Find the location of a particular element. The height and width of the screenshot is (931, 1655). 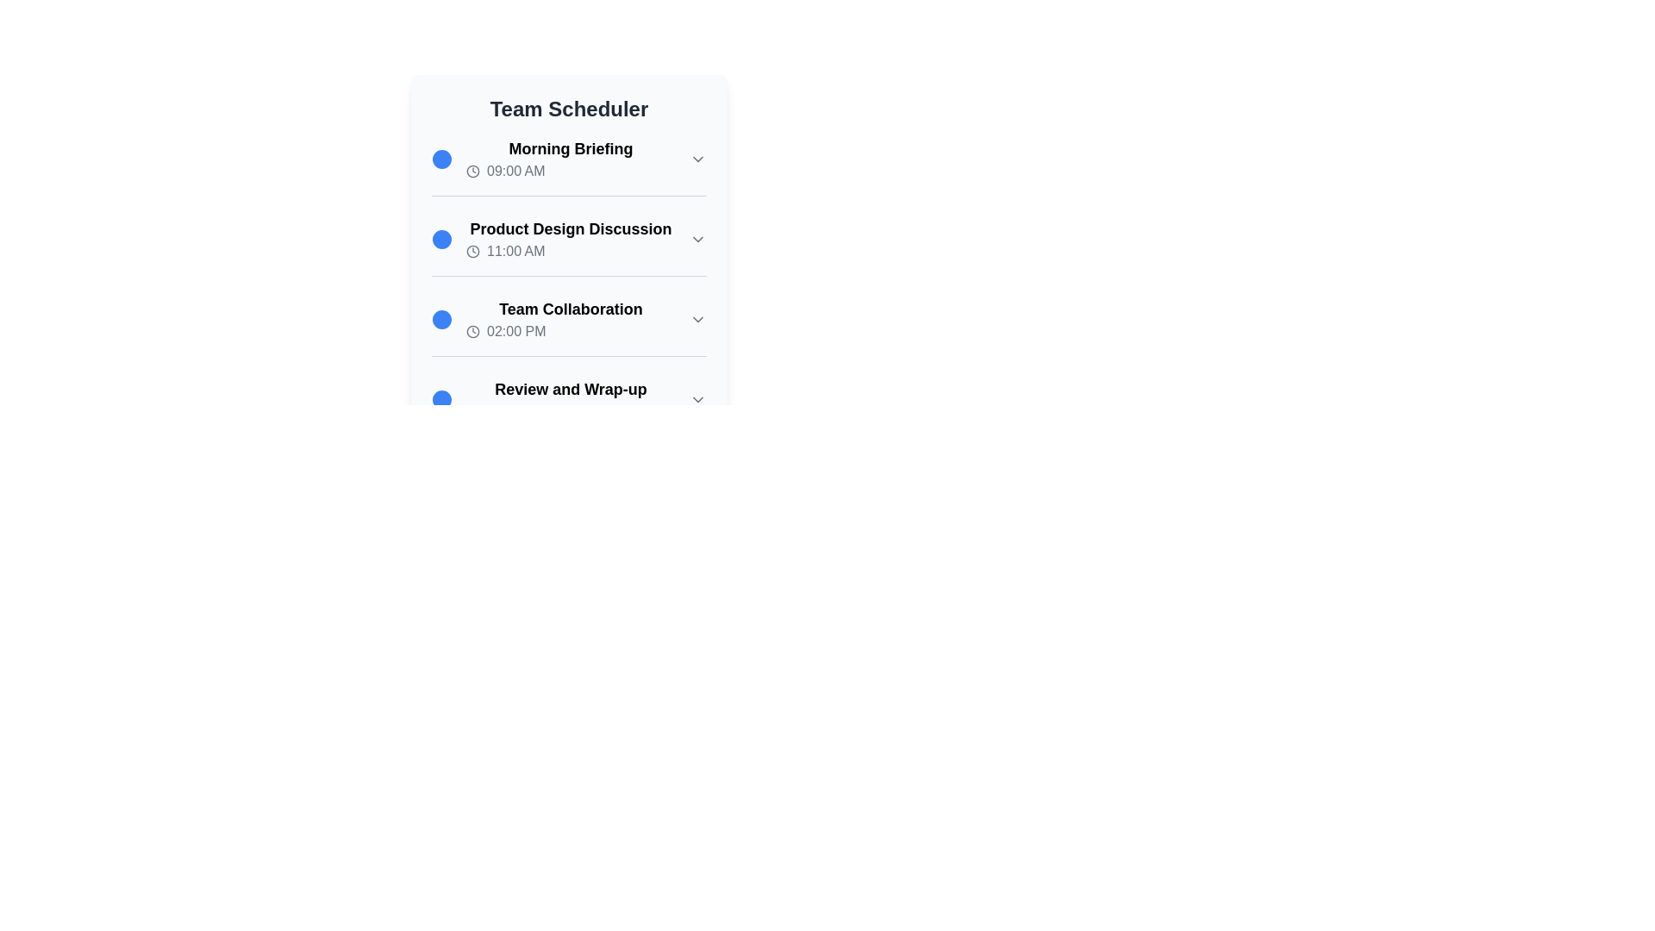

text element displaying 'Morning Briefing 09:00 AM', which is the first agenda item in the scheduler and located near the center of the interface is located at coordinates (571, 148).